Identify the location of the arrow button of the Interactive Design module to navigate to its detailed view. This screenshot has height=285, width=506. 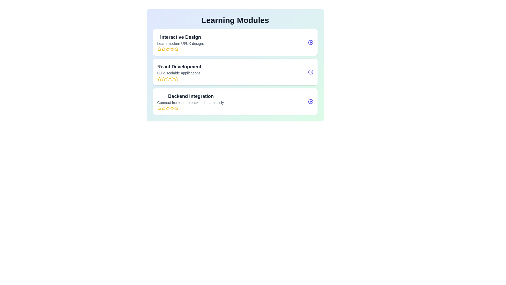
(310, 42).